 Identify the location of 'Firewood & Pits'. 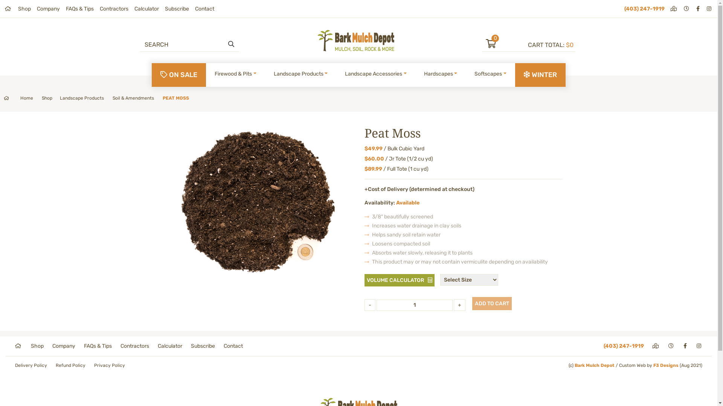
(235, 74).